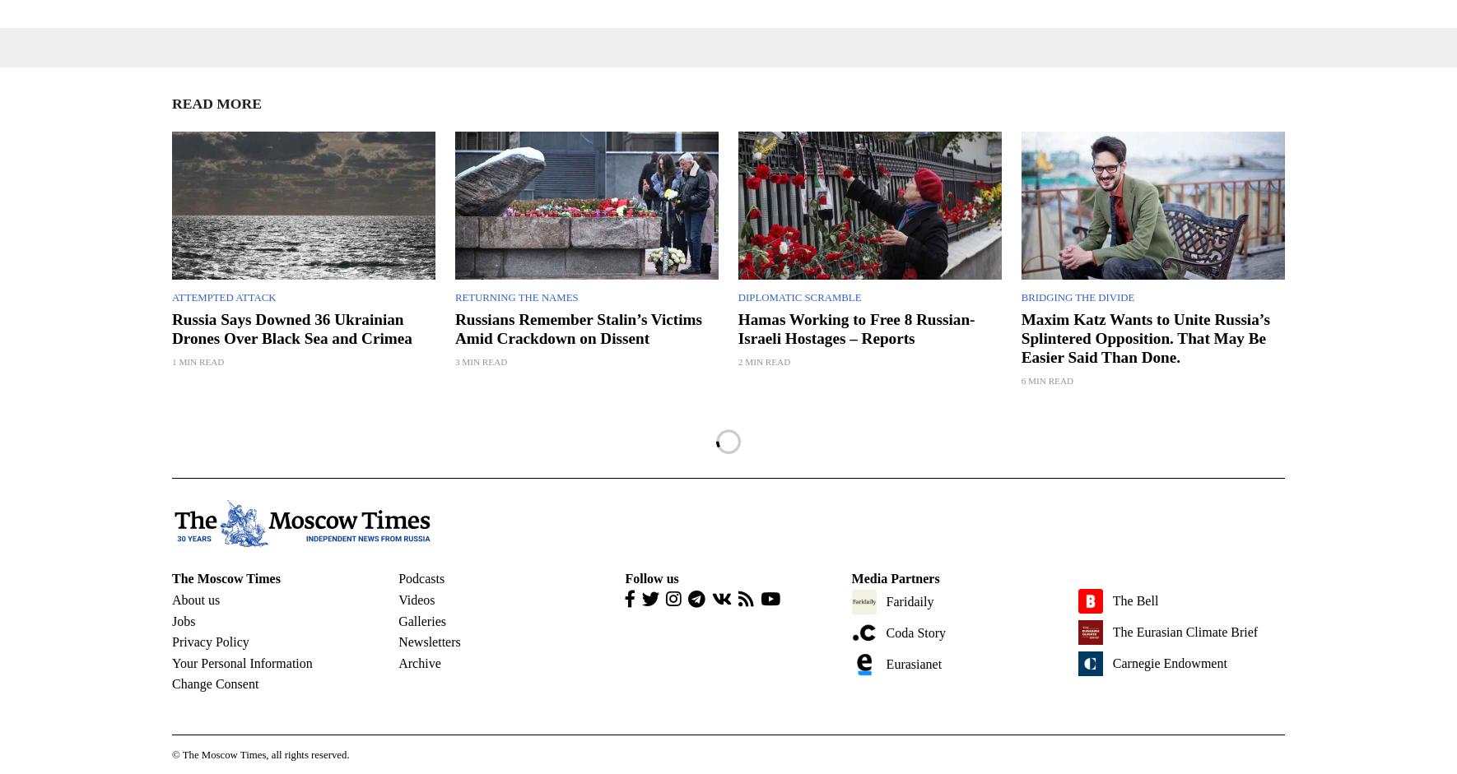 This screenshot has height=774, width=1457. Describe the element at coordinates (215, 683) in the screenshot. I see `'Change Consent'` at that location.